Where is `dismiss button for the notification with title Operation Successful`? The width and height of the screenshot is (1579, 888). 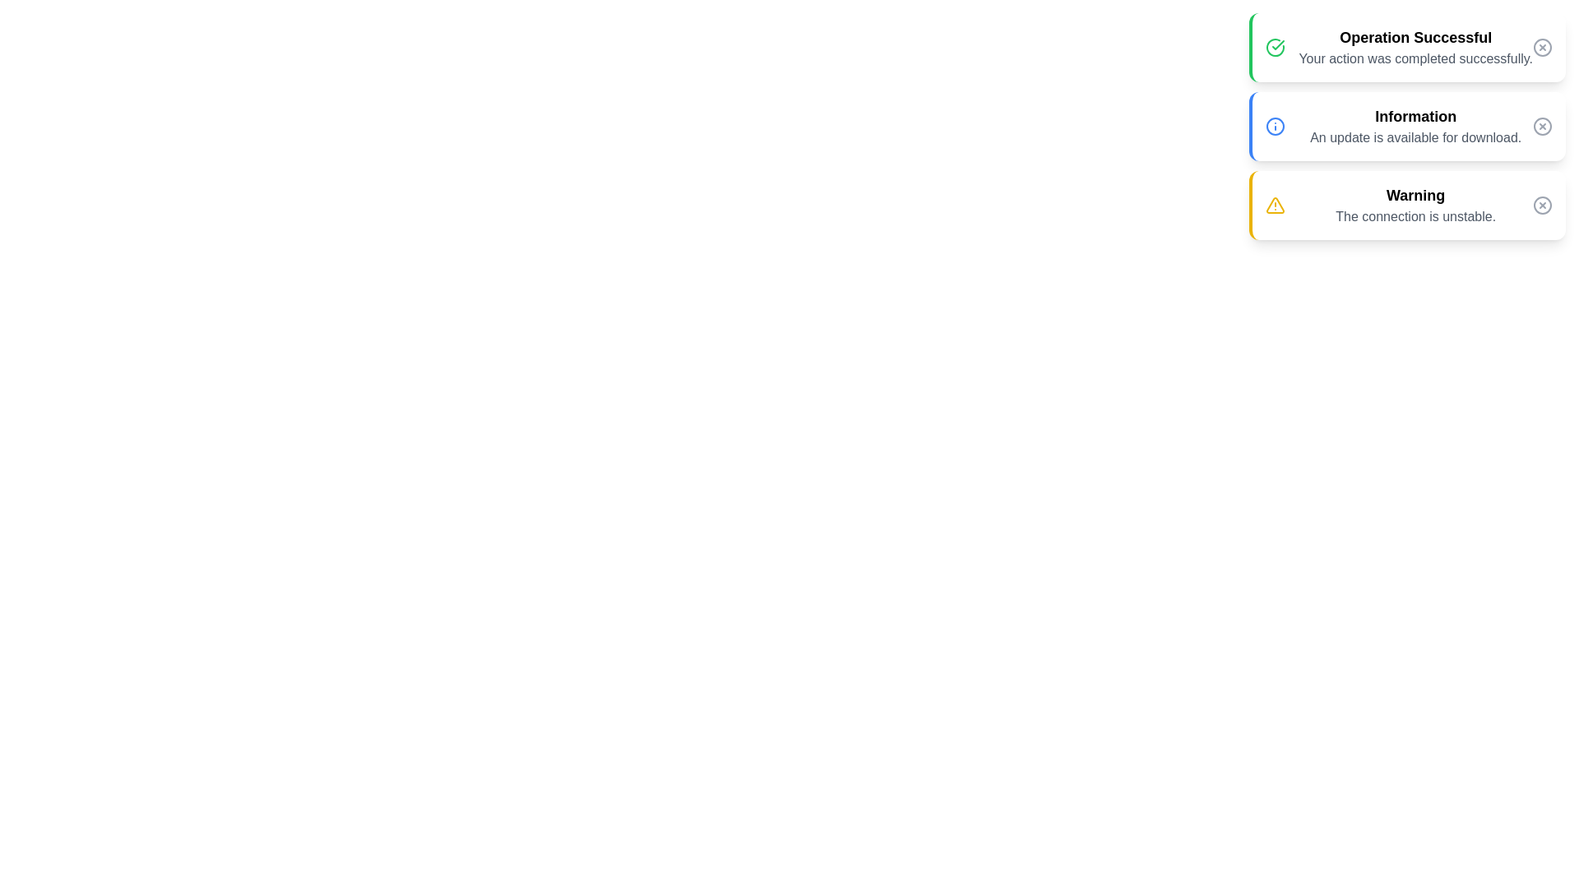
dismiss button for the notification with title Operation Successful is located at coordinates (1542, 46).